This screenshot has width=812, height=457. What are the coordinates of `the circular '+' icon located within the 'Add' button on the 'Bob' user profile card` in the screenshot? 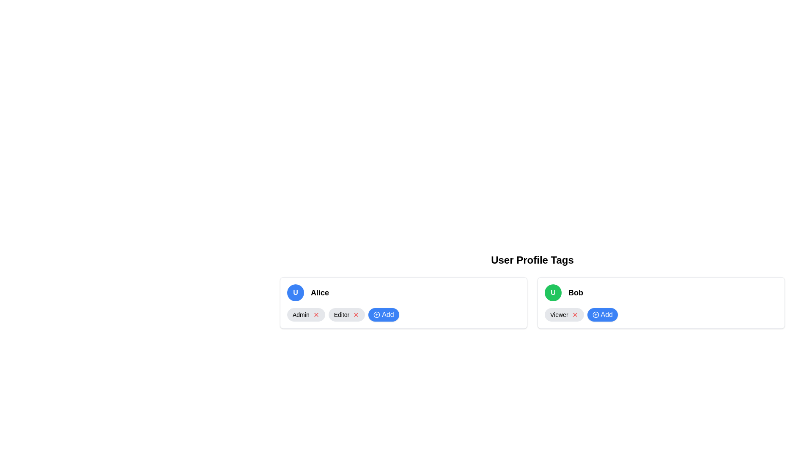 It's located at (595, 315).